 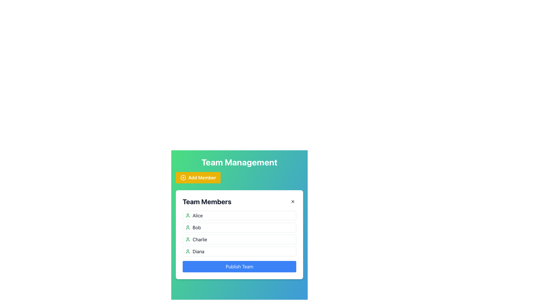 I want to click on the 'Finalize and Publish' button located at the bottom of the 'Team Members' card, so click(x=239, y=266).